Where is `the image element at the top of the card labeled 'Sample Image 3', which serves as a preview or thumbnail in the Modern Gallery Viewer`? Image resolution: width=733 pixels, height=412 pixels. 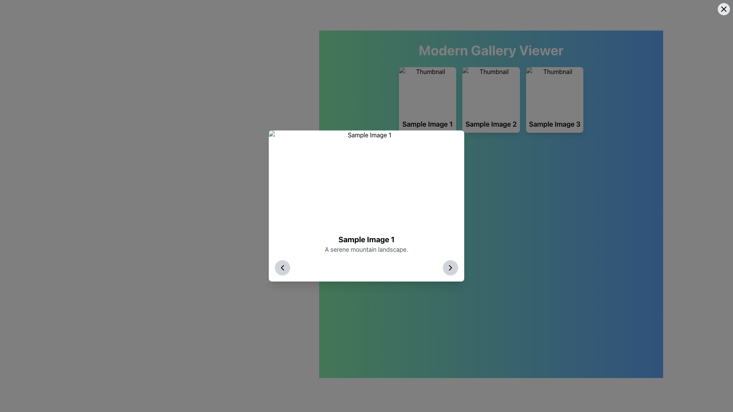 the image element at the top of the card labeled 'Sample Image 3', which serves as a preview or thumbnail in the Modern Gallery Viewer is located at coordinates (555, 91).